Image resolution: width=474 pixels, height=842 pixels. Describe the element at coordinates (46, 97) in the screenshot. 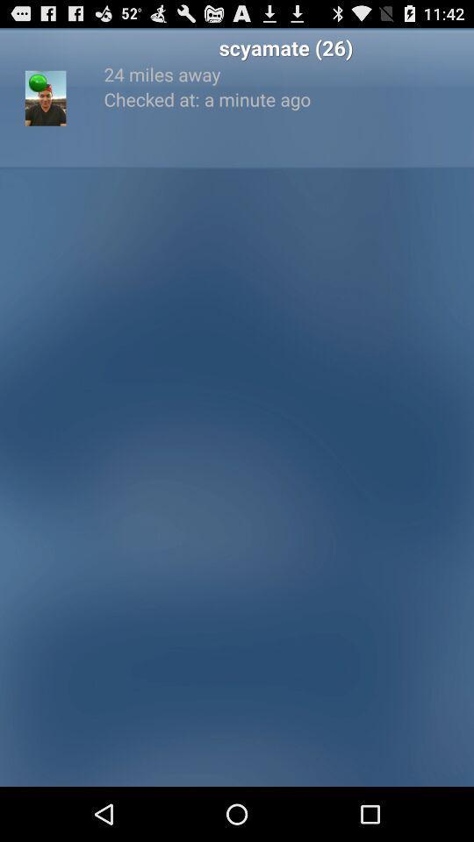

I see `icon next to the 24 miles away icon` at that location.